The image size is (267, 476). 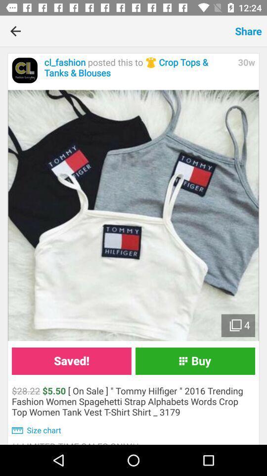 What do you see at coordinates (131, 31) in the screenshot?
I see `the item next to the share icon` at bounding box center [131, 31].